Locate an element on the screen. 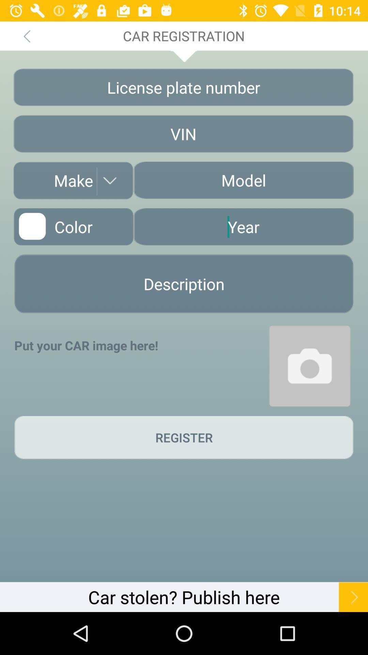 This screenshot has width=368, height=655. vehicle description is located at coordinates (184, 284).